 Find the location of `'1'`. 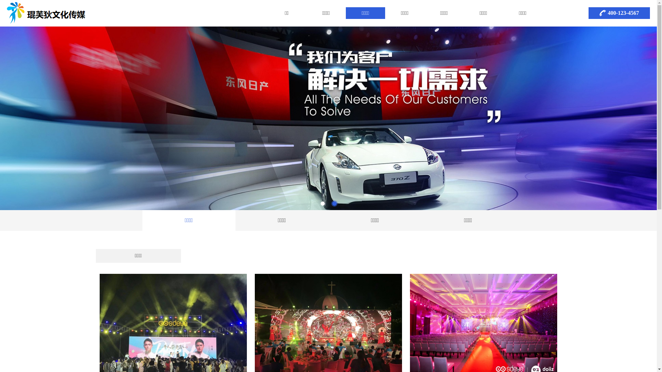

'1' is located at coordinates (322, 203).